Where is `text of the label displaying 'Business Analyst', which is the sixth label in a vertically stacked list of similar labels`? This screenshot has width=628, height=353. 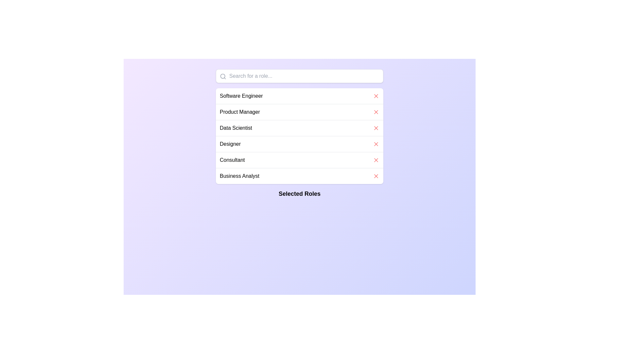
text of the label displaying 'Business Analyst', which is the sixth label in a vertically stacked list of similar labels is located at coordinates (239, 176).